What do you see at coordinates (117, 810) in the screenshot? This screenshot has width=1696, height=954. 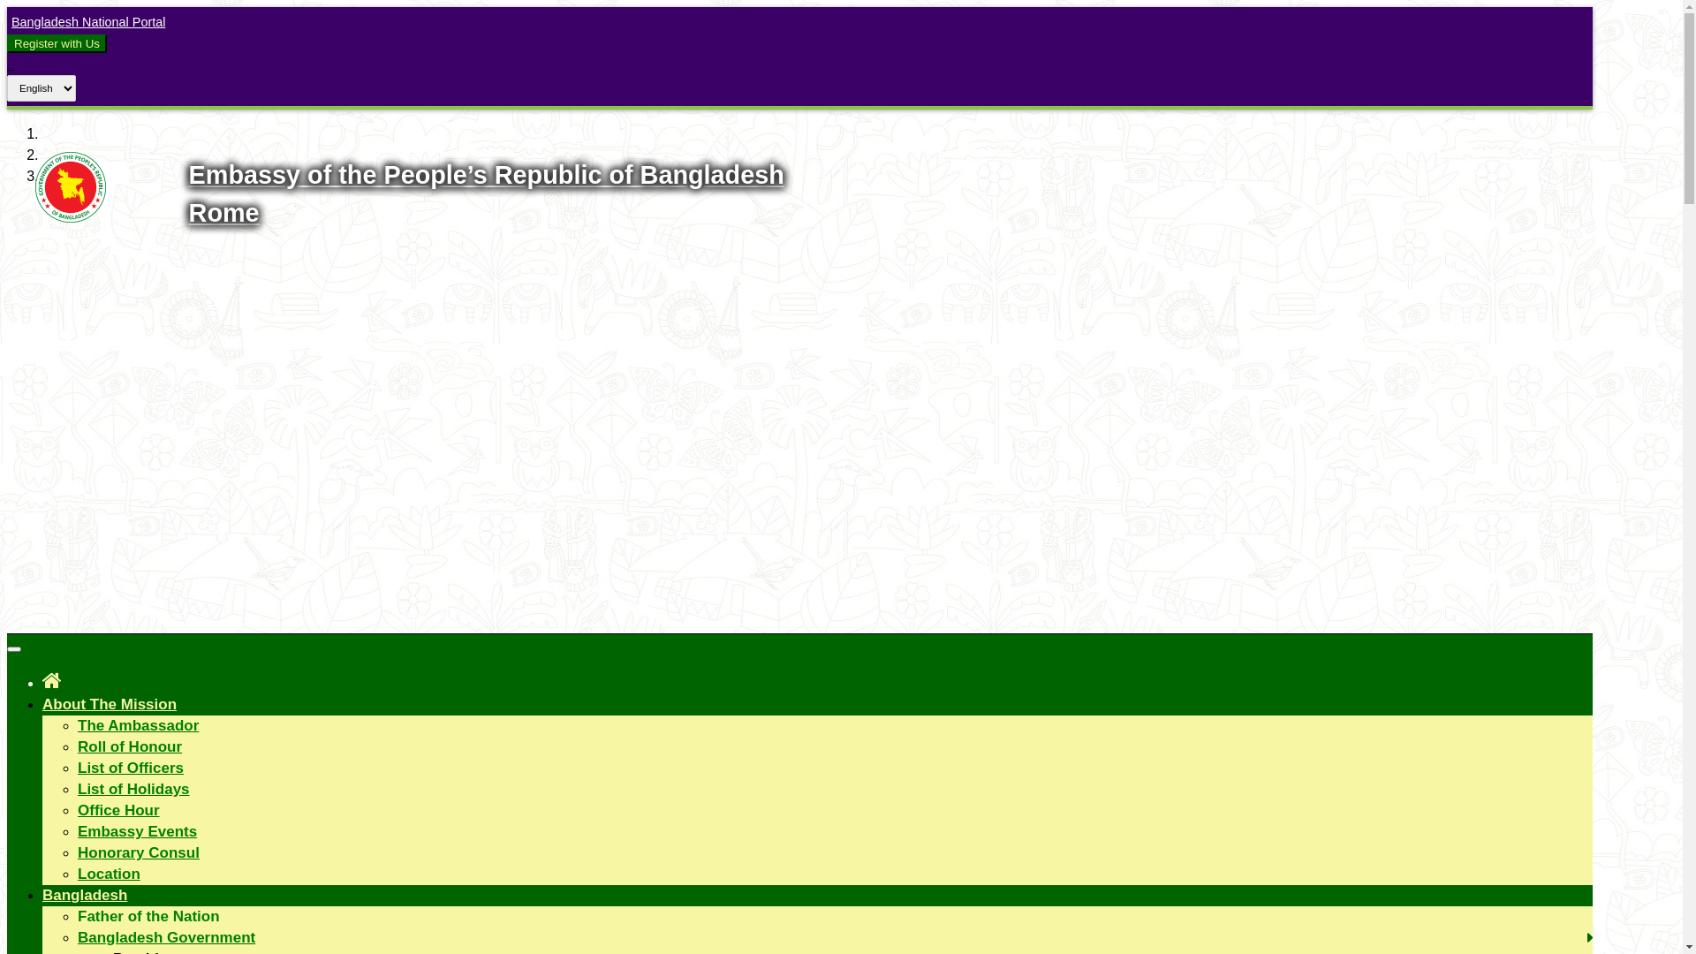 I see `'Office Hour'` at bounding box center [117, 810].